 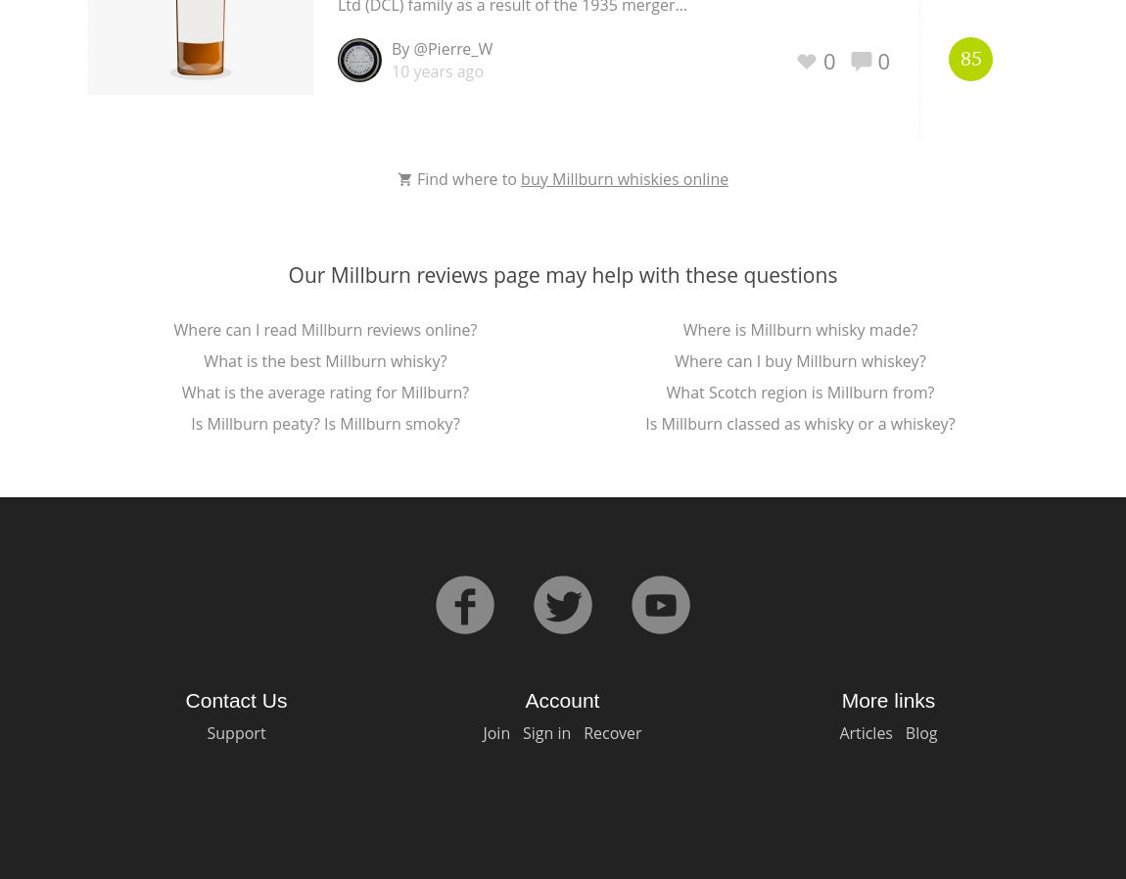 What do you see at coordinates (483, 732) in the screenshot?
I see `'Join'` at bounding box center [483, 732].